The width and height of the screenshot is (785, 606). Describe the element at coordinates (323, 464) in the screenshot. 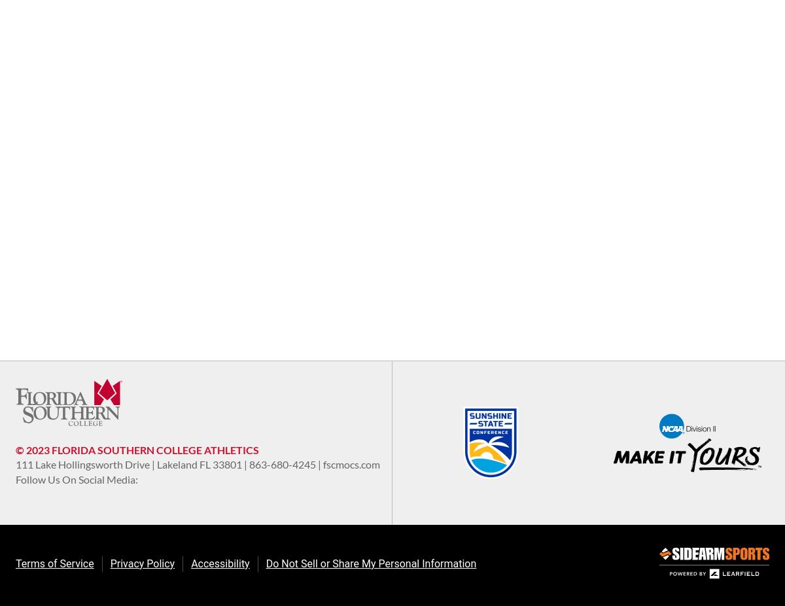

I see `'fscmocs.com'` at that location.